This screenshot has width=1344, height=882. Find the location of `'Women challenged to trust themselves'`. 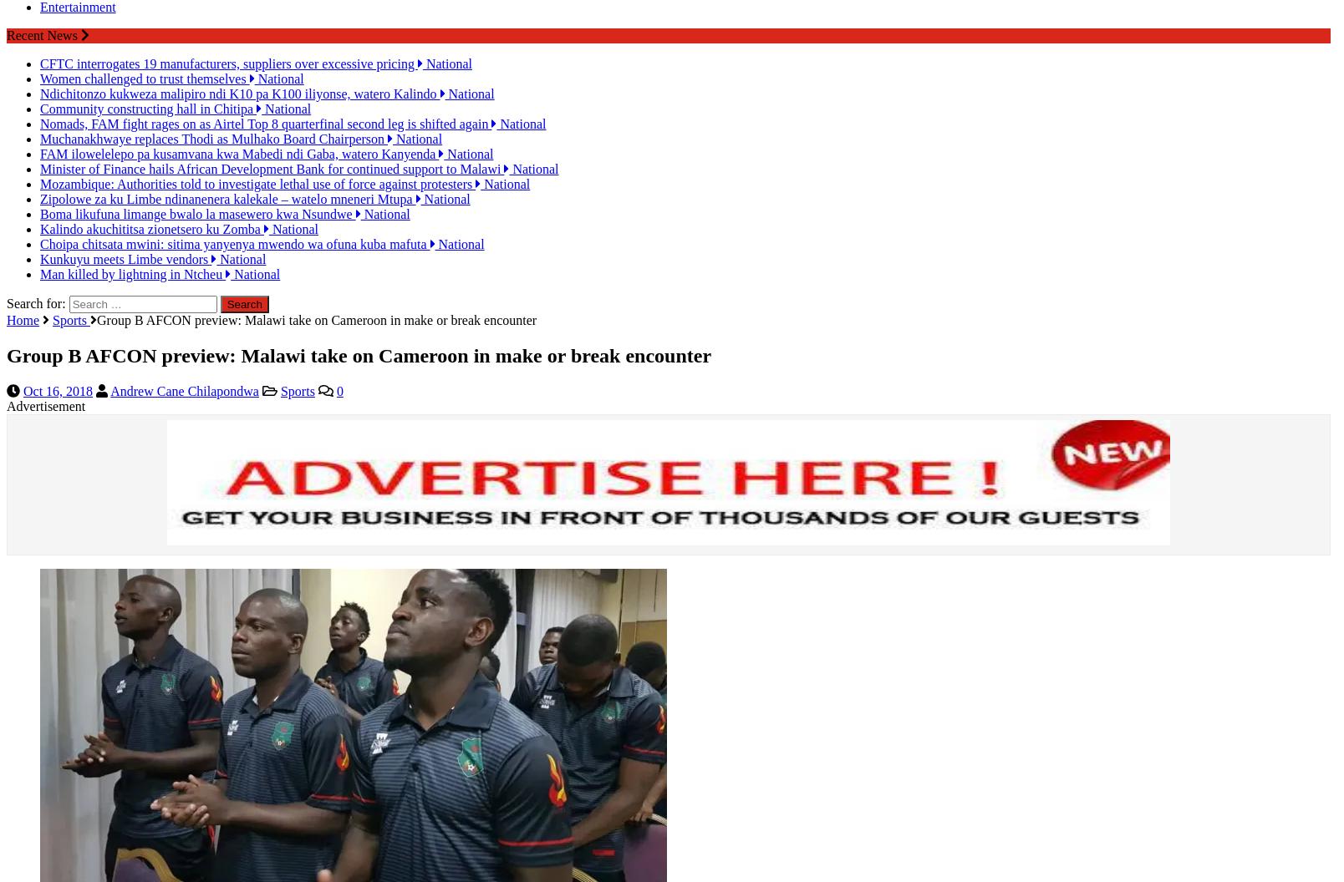

'Women challenged to trust themselves' is located at coordinates (144, 63).